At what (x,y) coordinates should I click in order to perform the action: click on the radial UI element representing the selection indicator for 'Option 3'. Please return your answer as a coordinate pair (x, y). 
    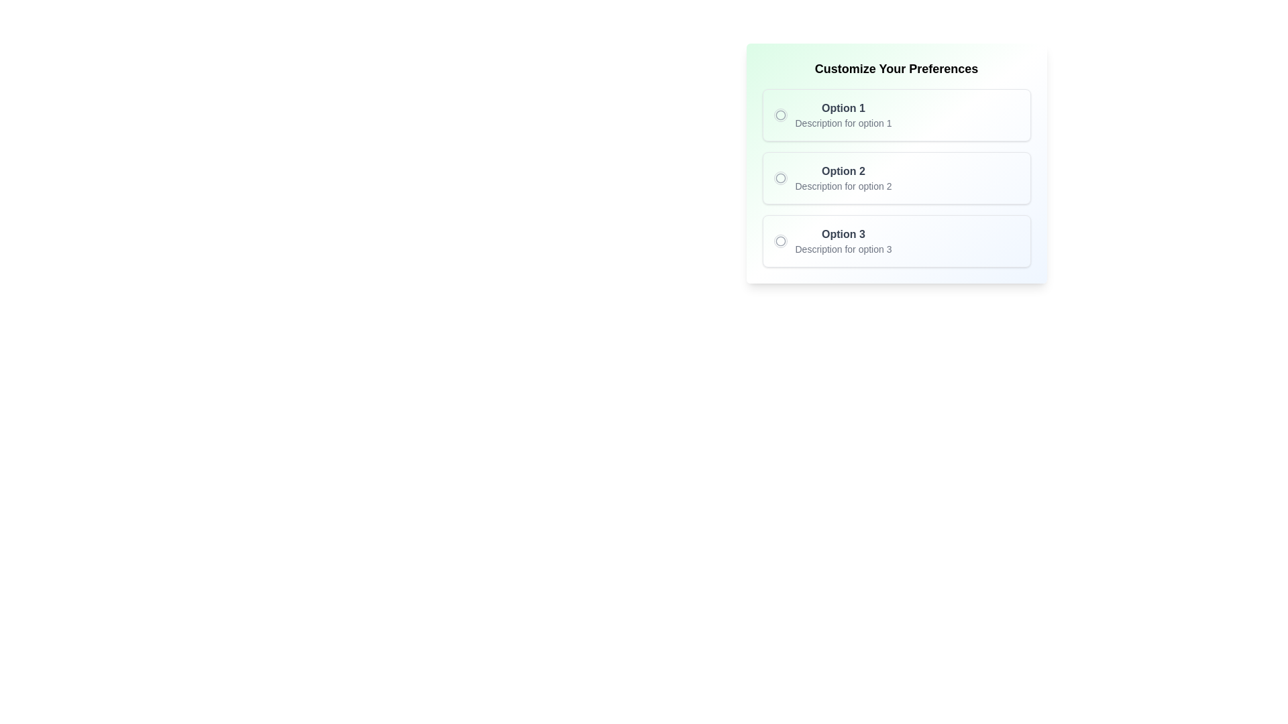
    Looking at the image, I should click on (780, 240).